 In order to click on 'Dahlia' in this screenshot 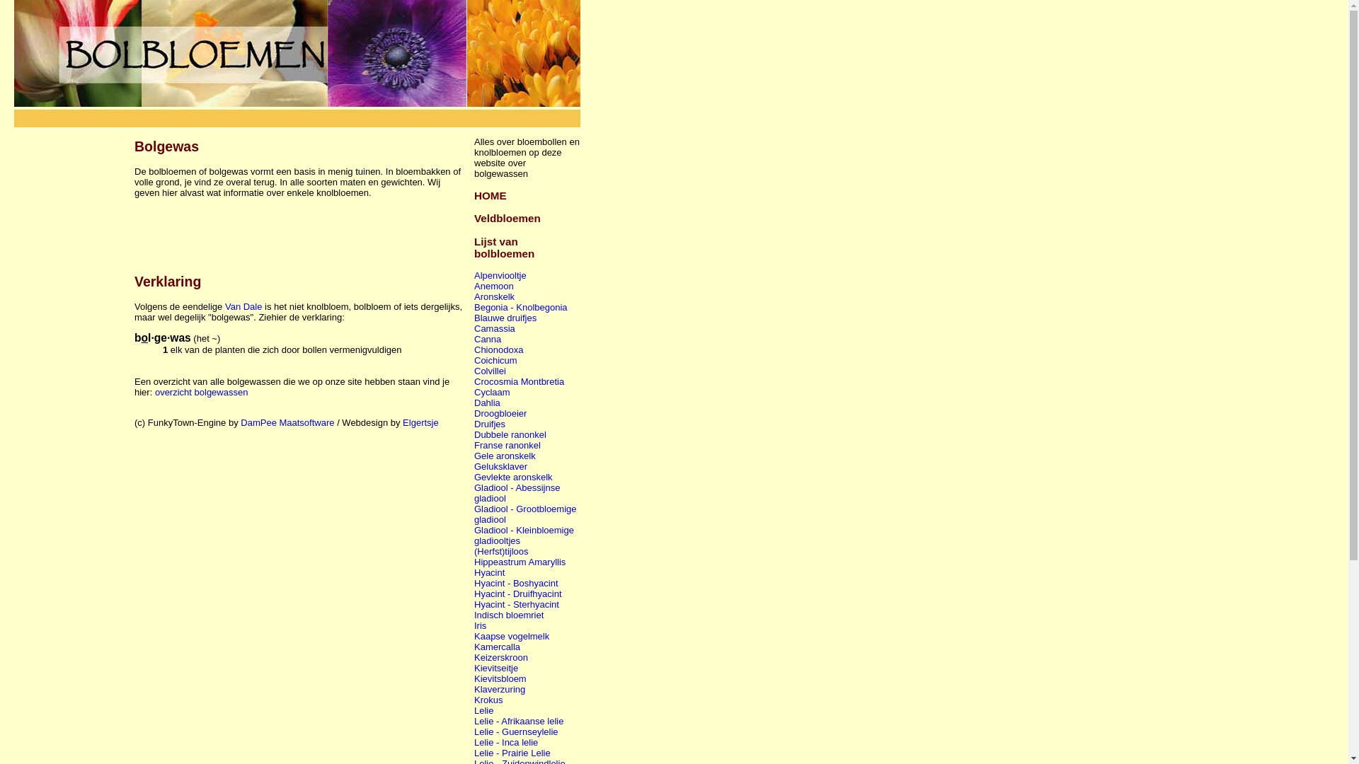, I will do `click(487, 403)`.